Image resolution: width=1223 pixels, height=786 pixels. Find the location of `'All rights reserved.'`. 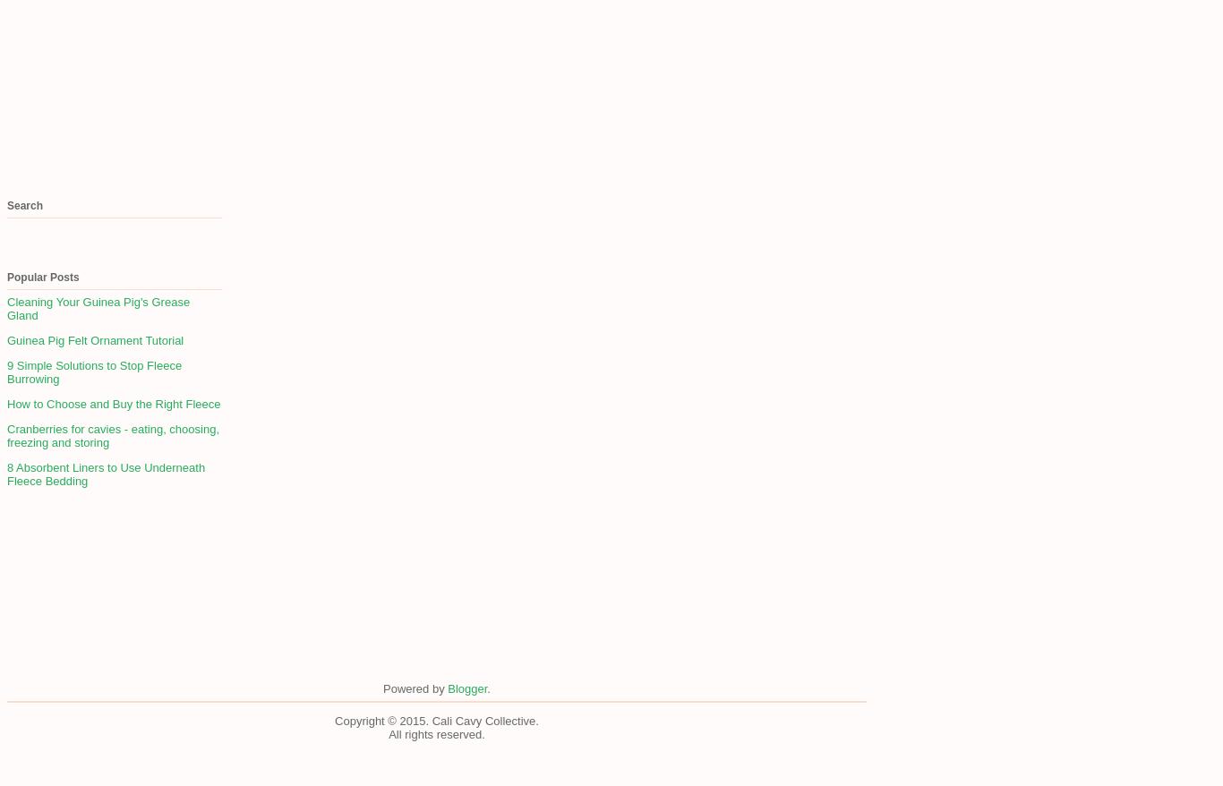

'All rights reserved.' is located at coordinates (436, 733).